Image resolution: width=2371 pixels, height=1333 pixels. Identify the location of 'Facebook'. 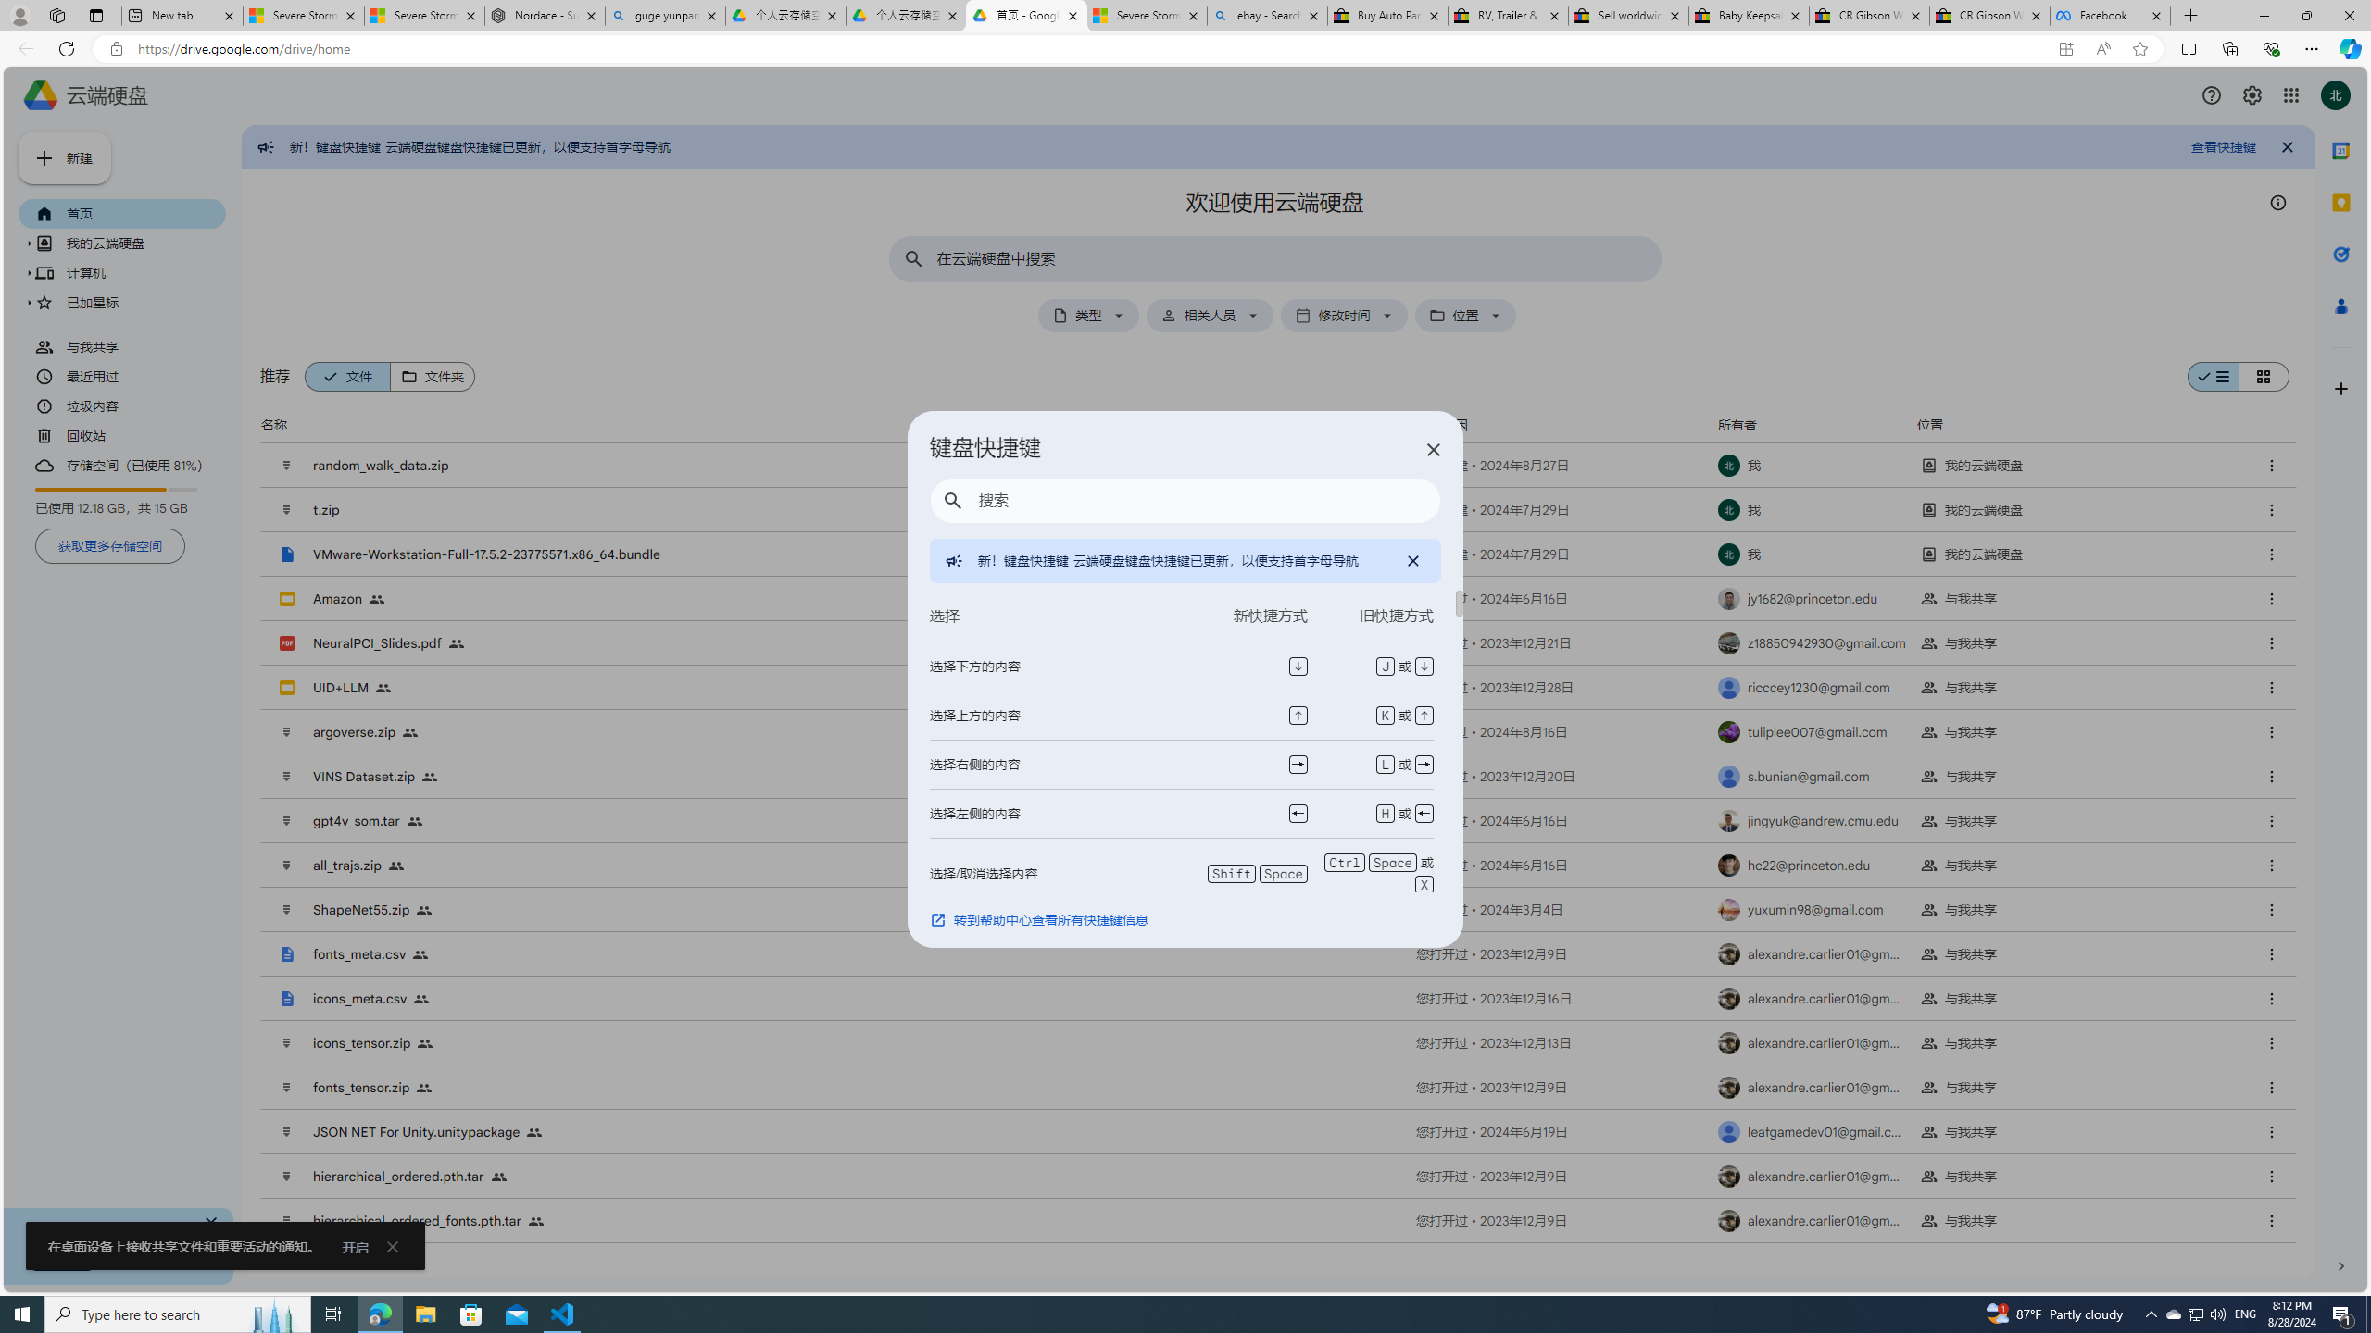
(2110, 15).